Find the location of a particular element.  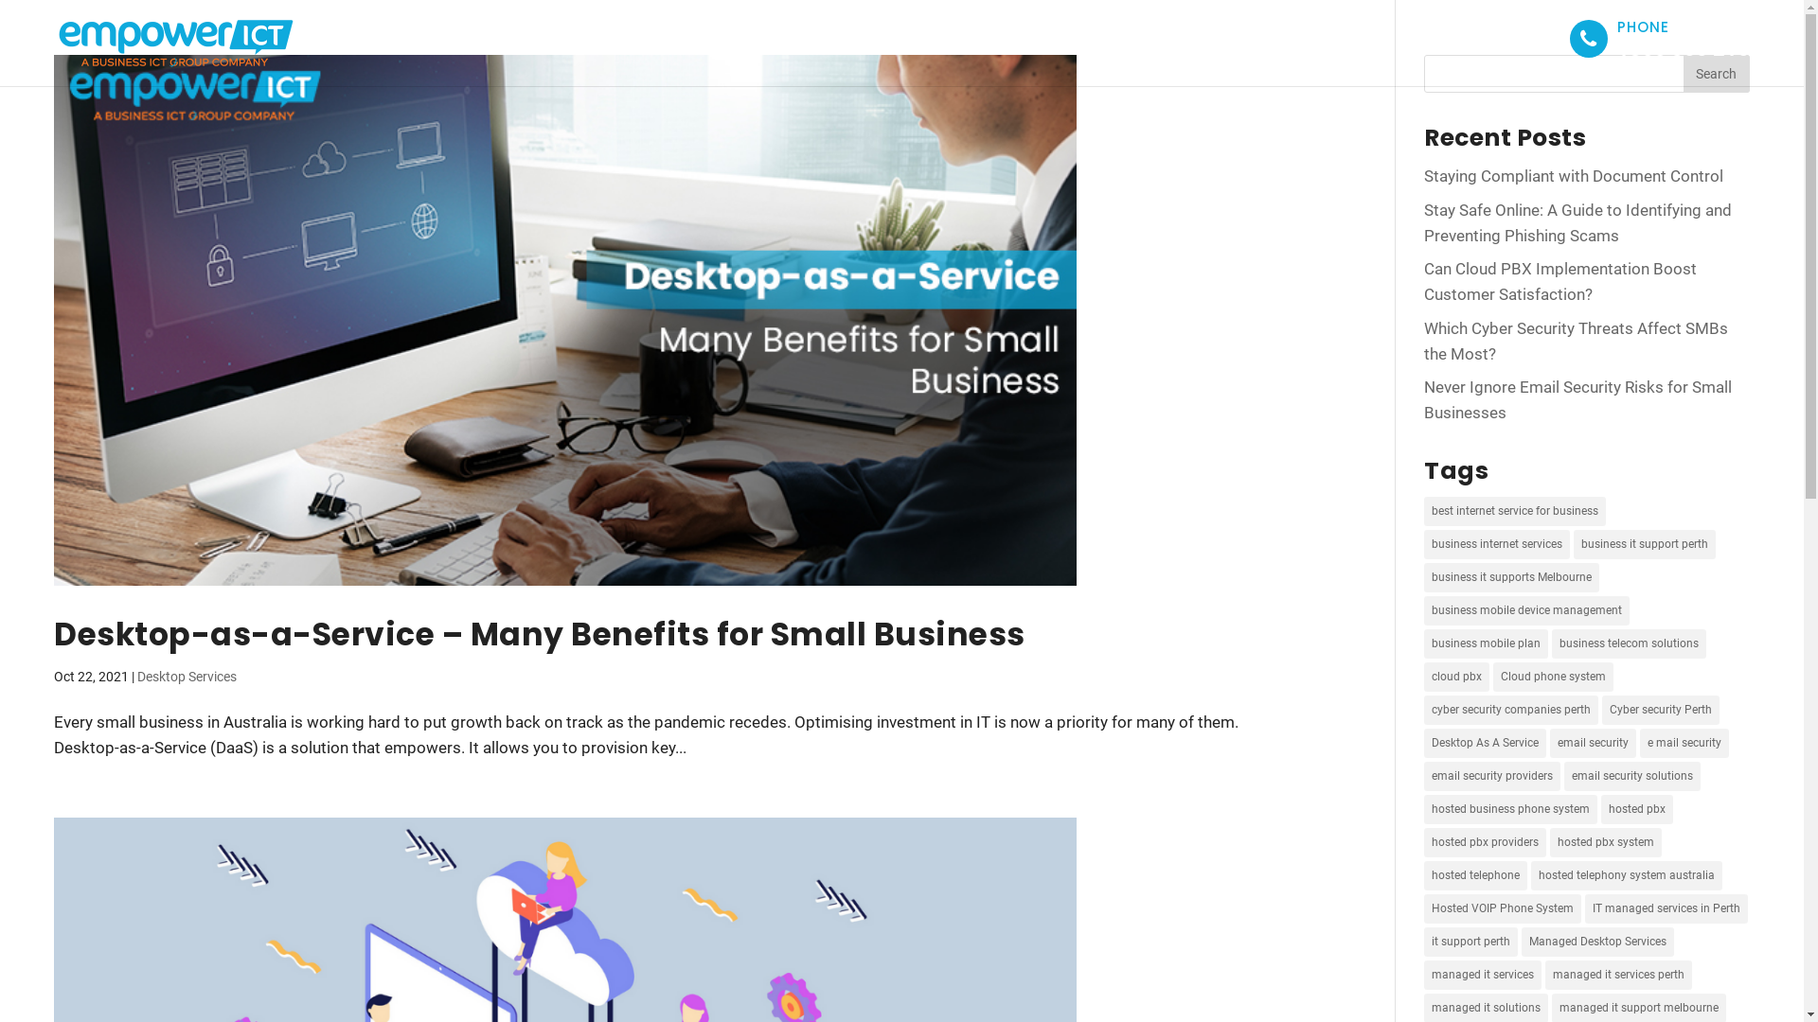

'email security providers' is located at coordinates (1490, 776).